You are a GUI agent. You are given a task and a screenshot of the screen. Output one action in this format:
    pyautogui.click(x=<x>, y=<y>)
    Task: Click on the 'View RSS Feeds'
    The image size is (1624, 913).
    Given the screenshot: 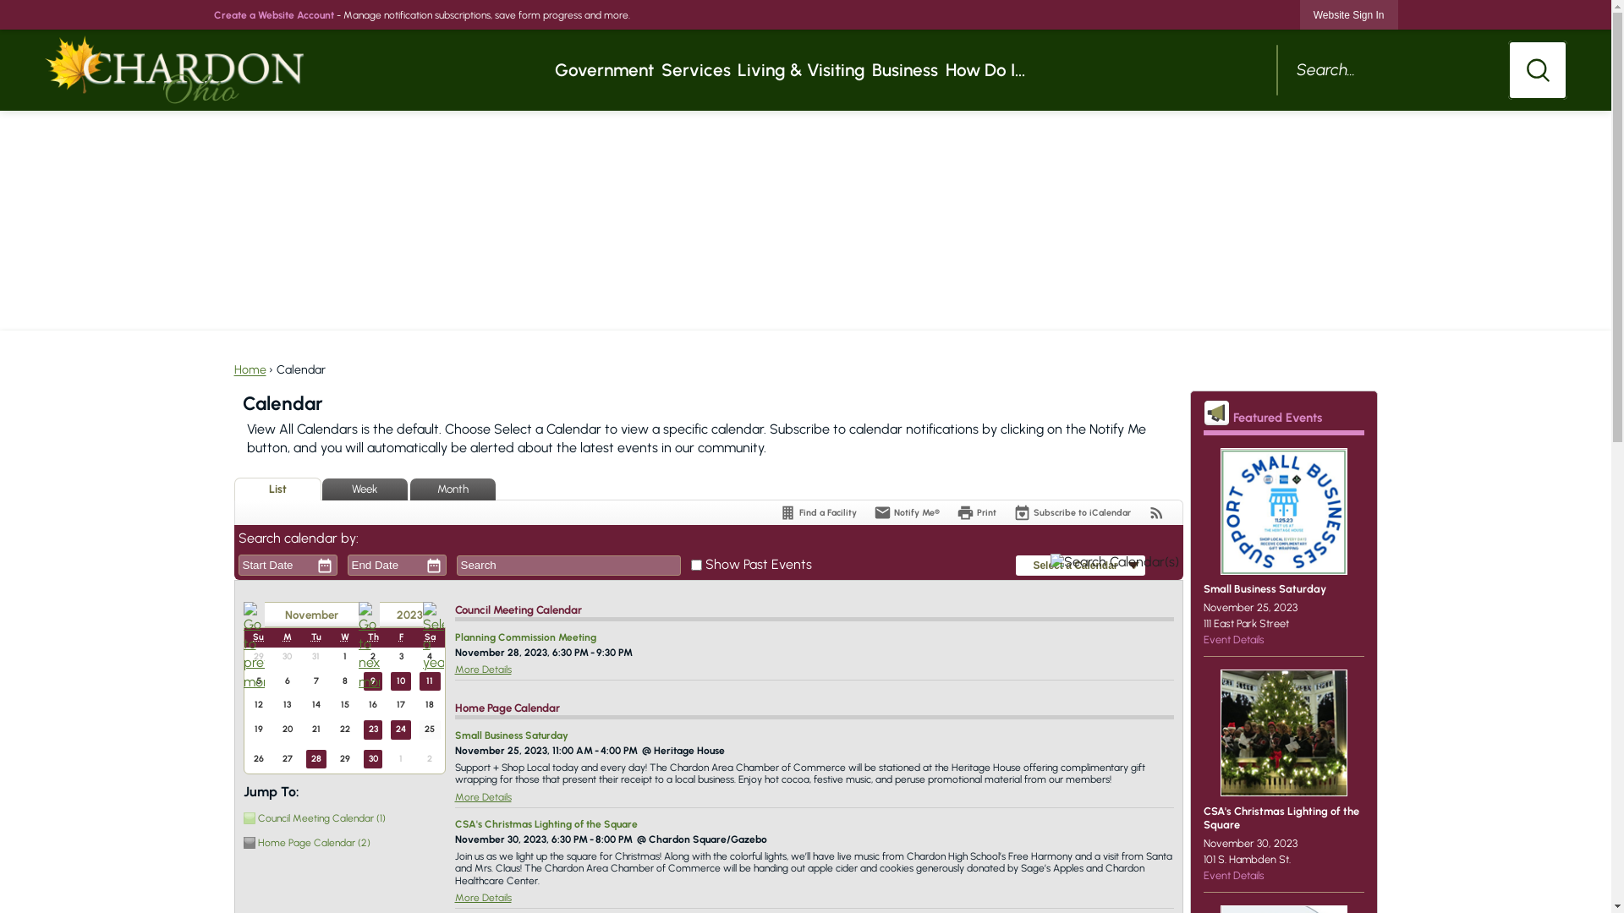 What is the action you would take?
    pyautogui.click(x=1155, y=511)
    